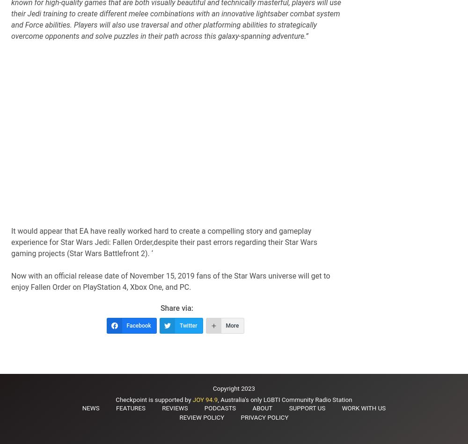  Describe the element at coordinates (154, 399) in the screenshot. I see `'Checkpoint is supported by'` at that location.